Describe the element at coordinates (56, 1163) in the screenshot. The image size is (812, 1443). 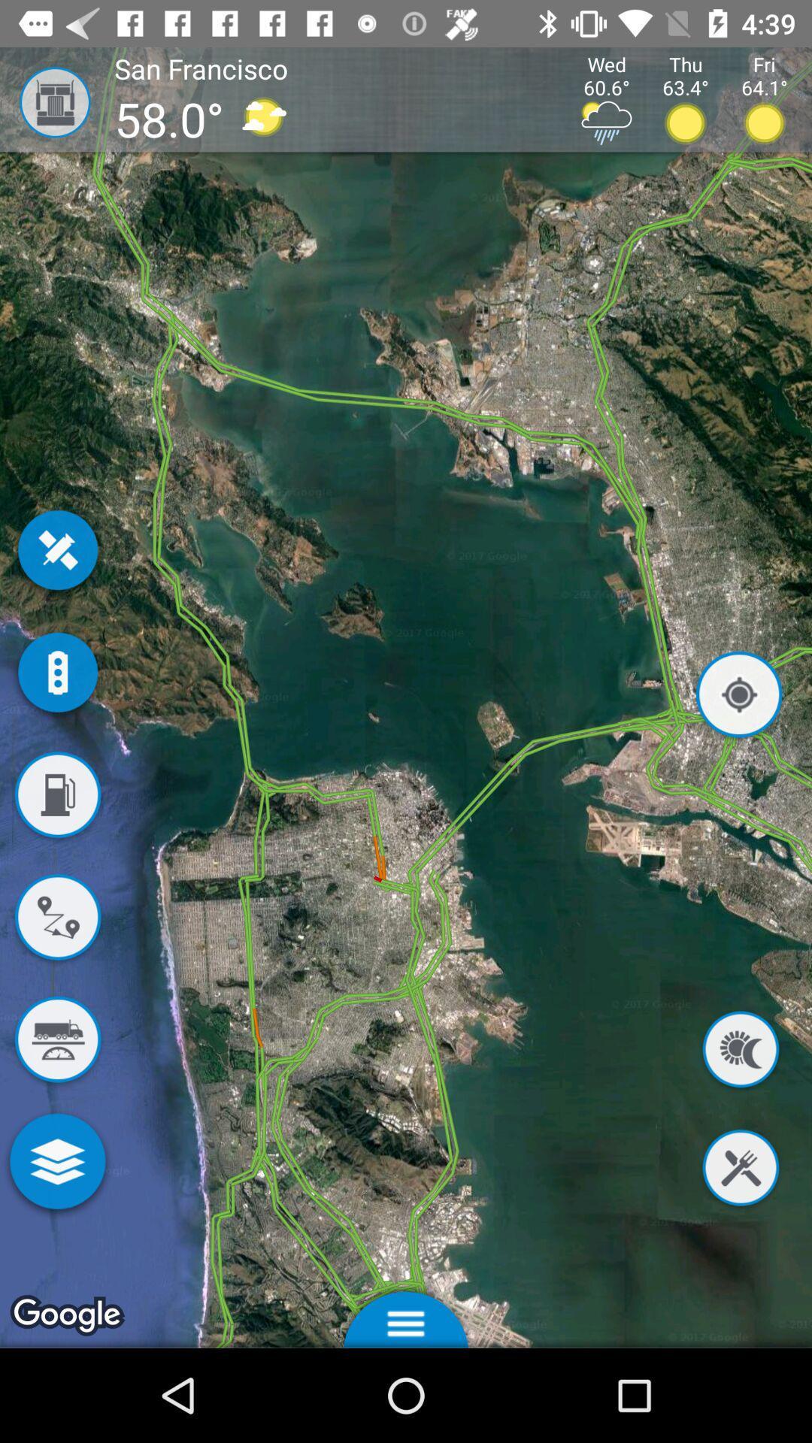
I see `more options` at that location.